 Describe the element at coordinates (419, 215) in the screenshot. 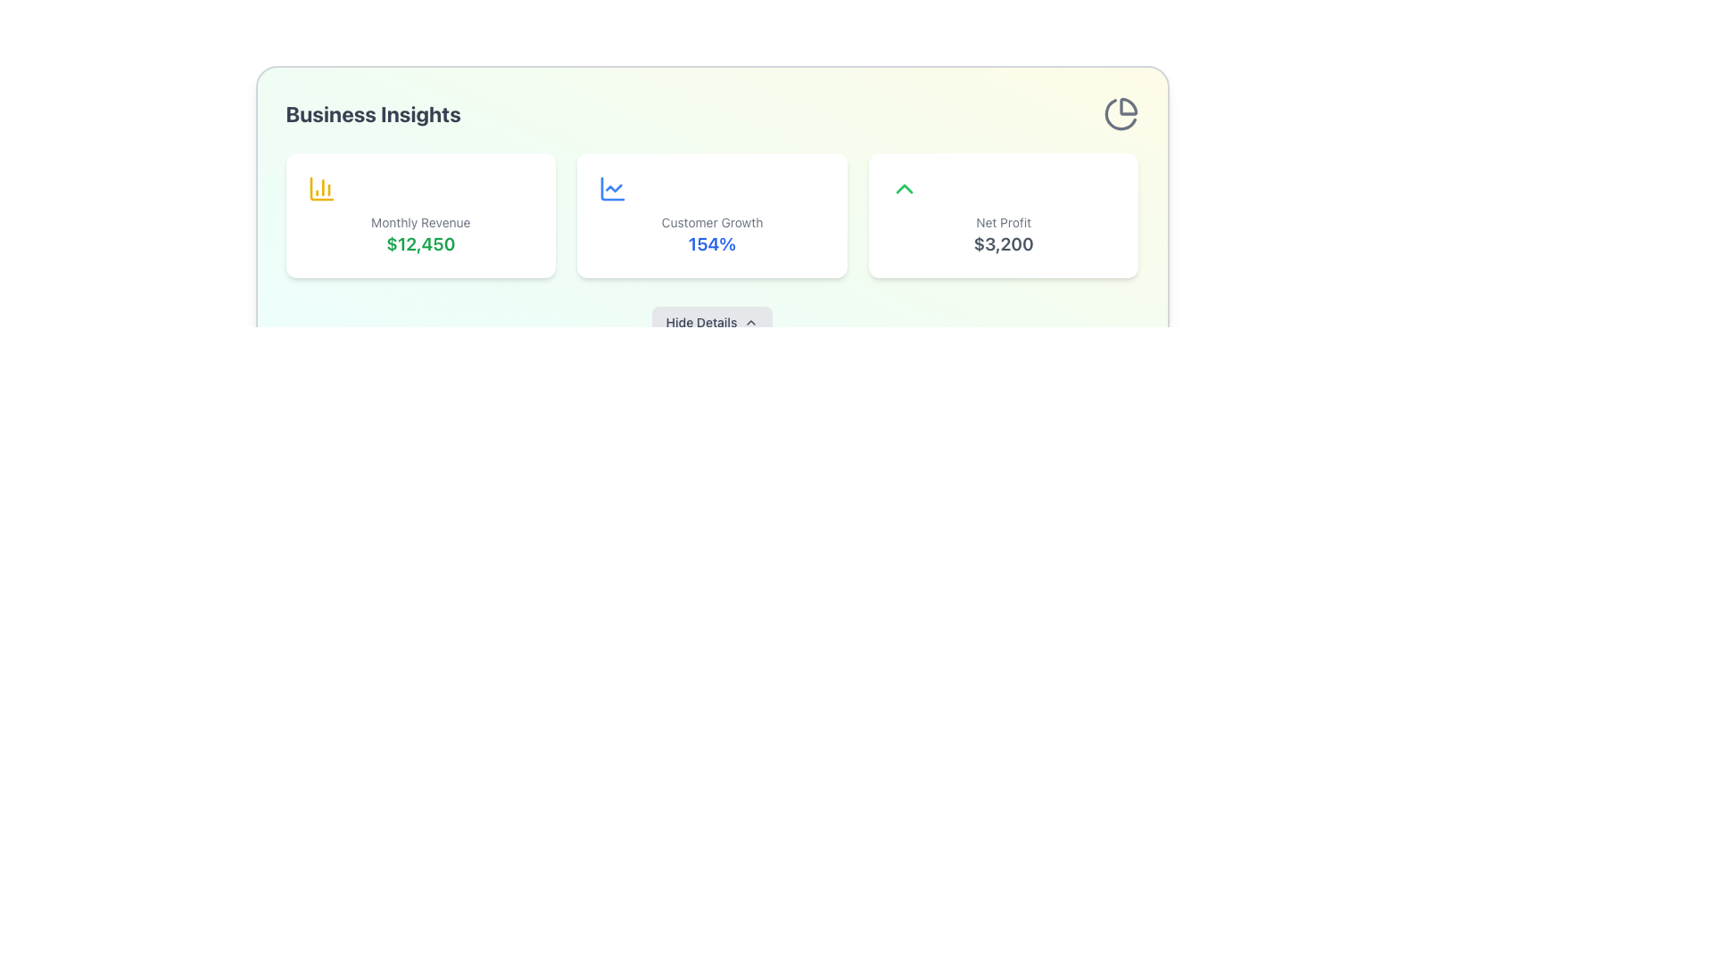

I see `information displayed on the Informative Card showing 'Monthly Revenue' with the value '$12,450', which is the leftmost card in a three-card layout` at that location.